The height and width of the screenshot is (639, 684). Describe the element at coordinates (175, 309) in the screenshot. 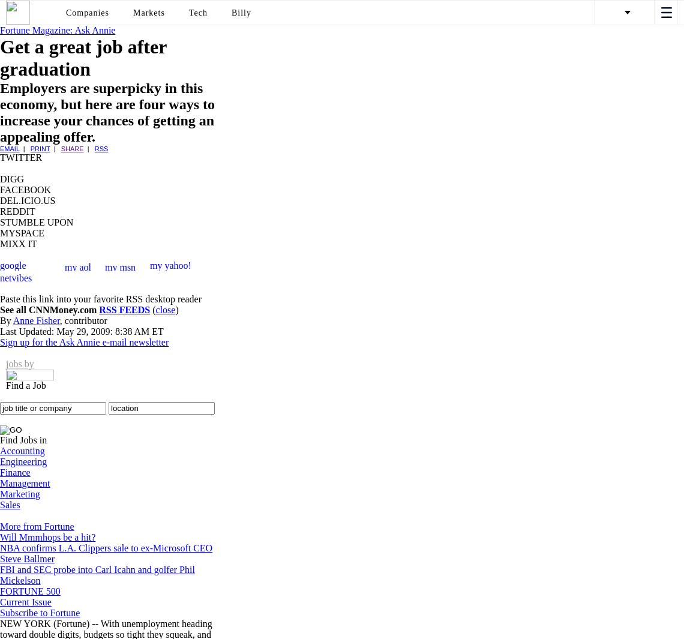

I see `')'` at that location.